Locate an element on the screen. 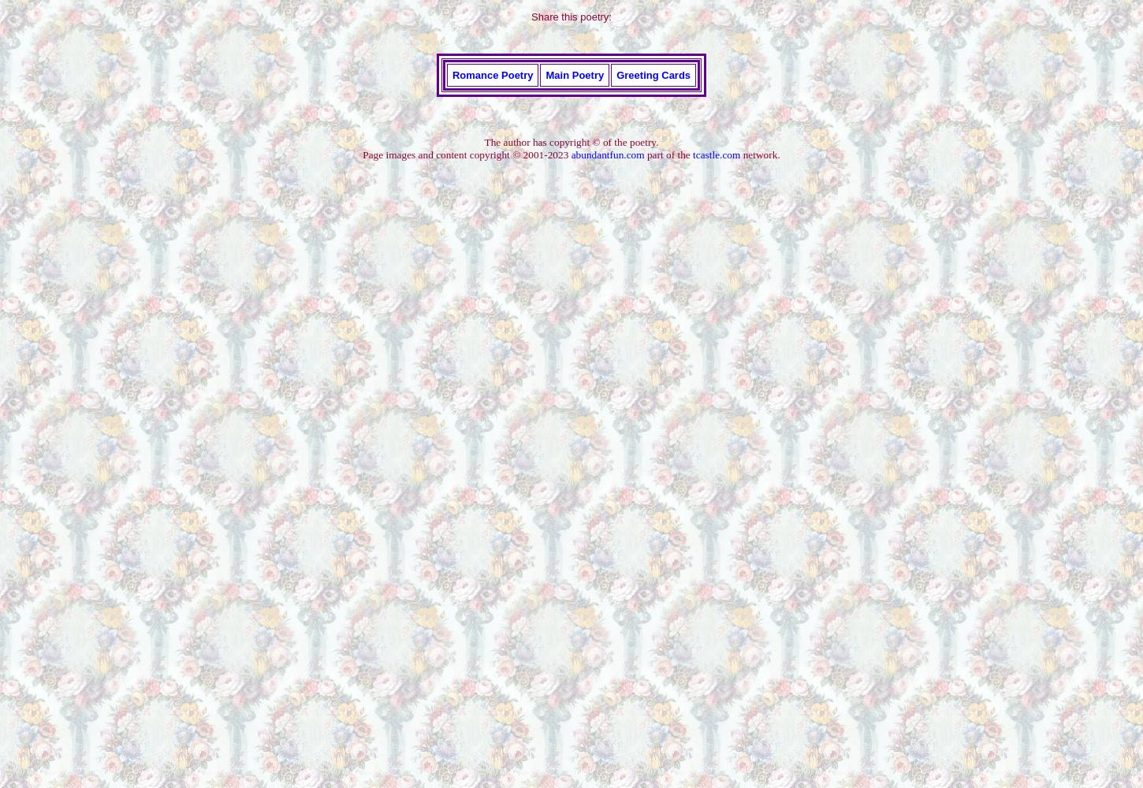 This screenshot has width=1143, height=788. 'Share this poetry:' is located at coordinates (570, 16).